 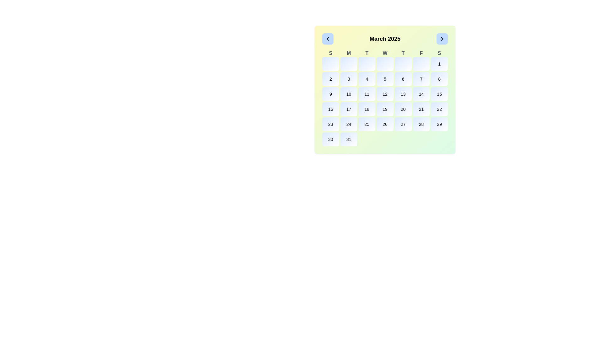 I want to click on the Tuesday header text, which is the third item in the weekday sequence 'SMTWTFS' located at the top of the calendar grid, so click(x=367, y=53).